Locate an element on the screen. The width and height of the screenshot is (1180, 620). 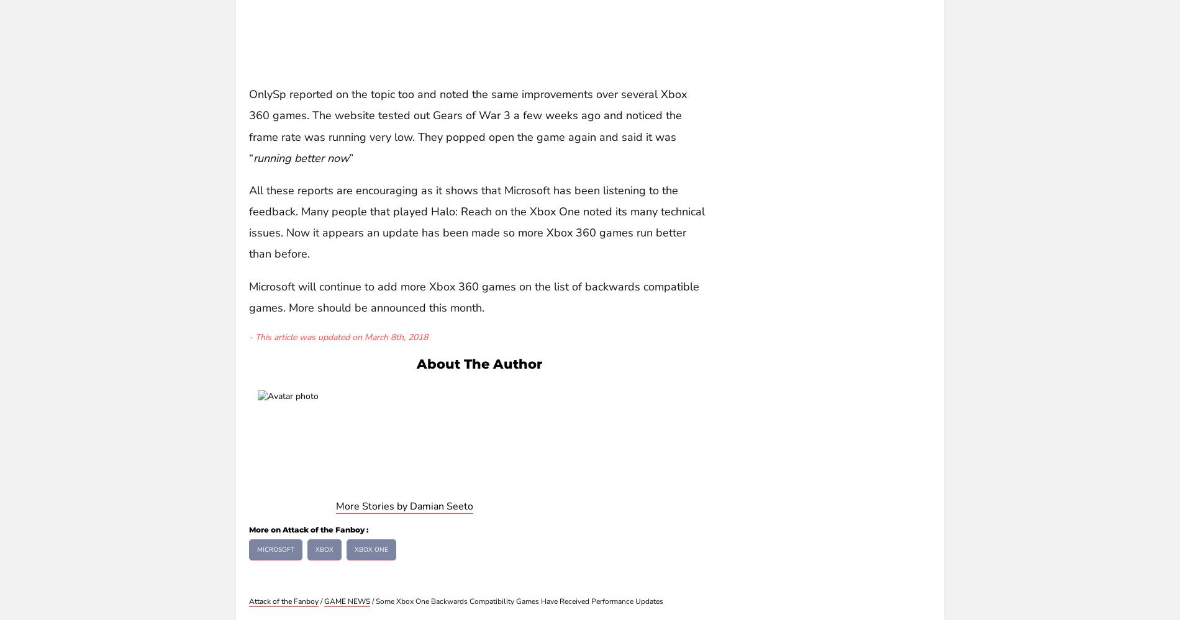
'Attack of the Fanboy' is located at coordinates (283, 600).